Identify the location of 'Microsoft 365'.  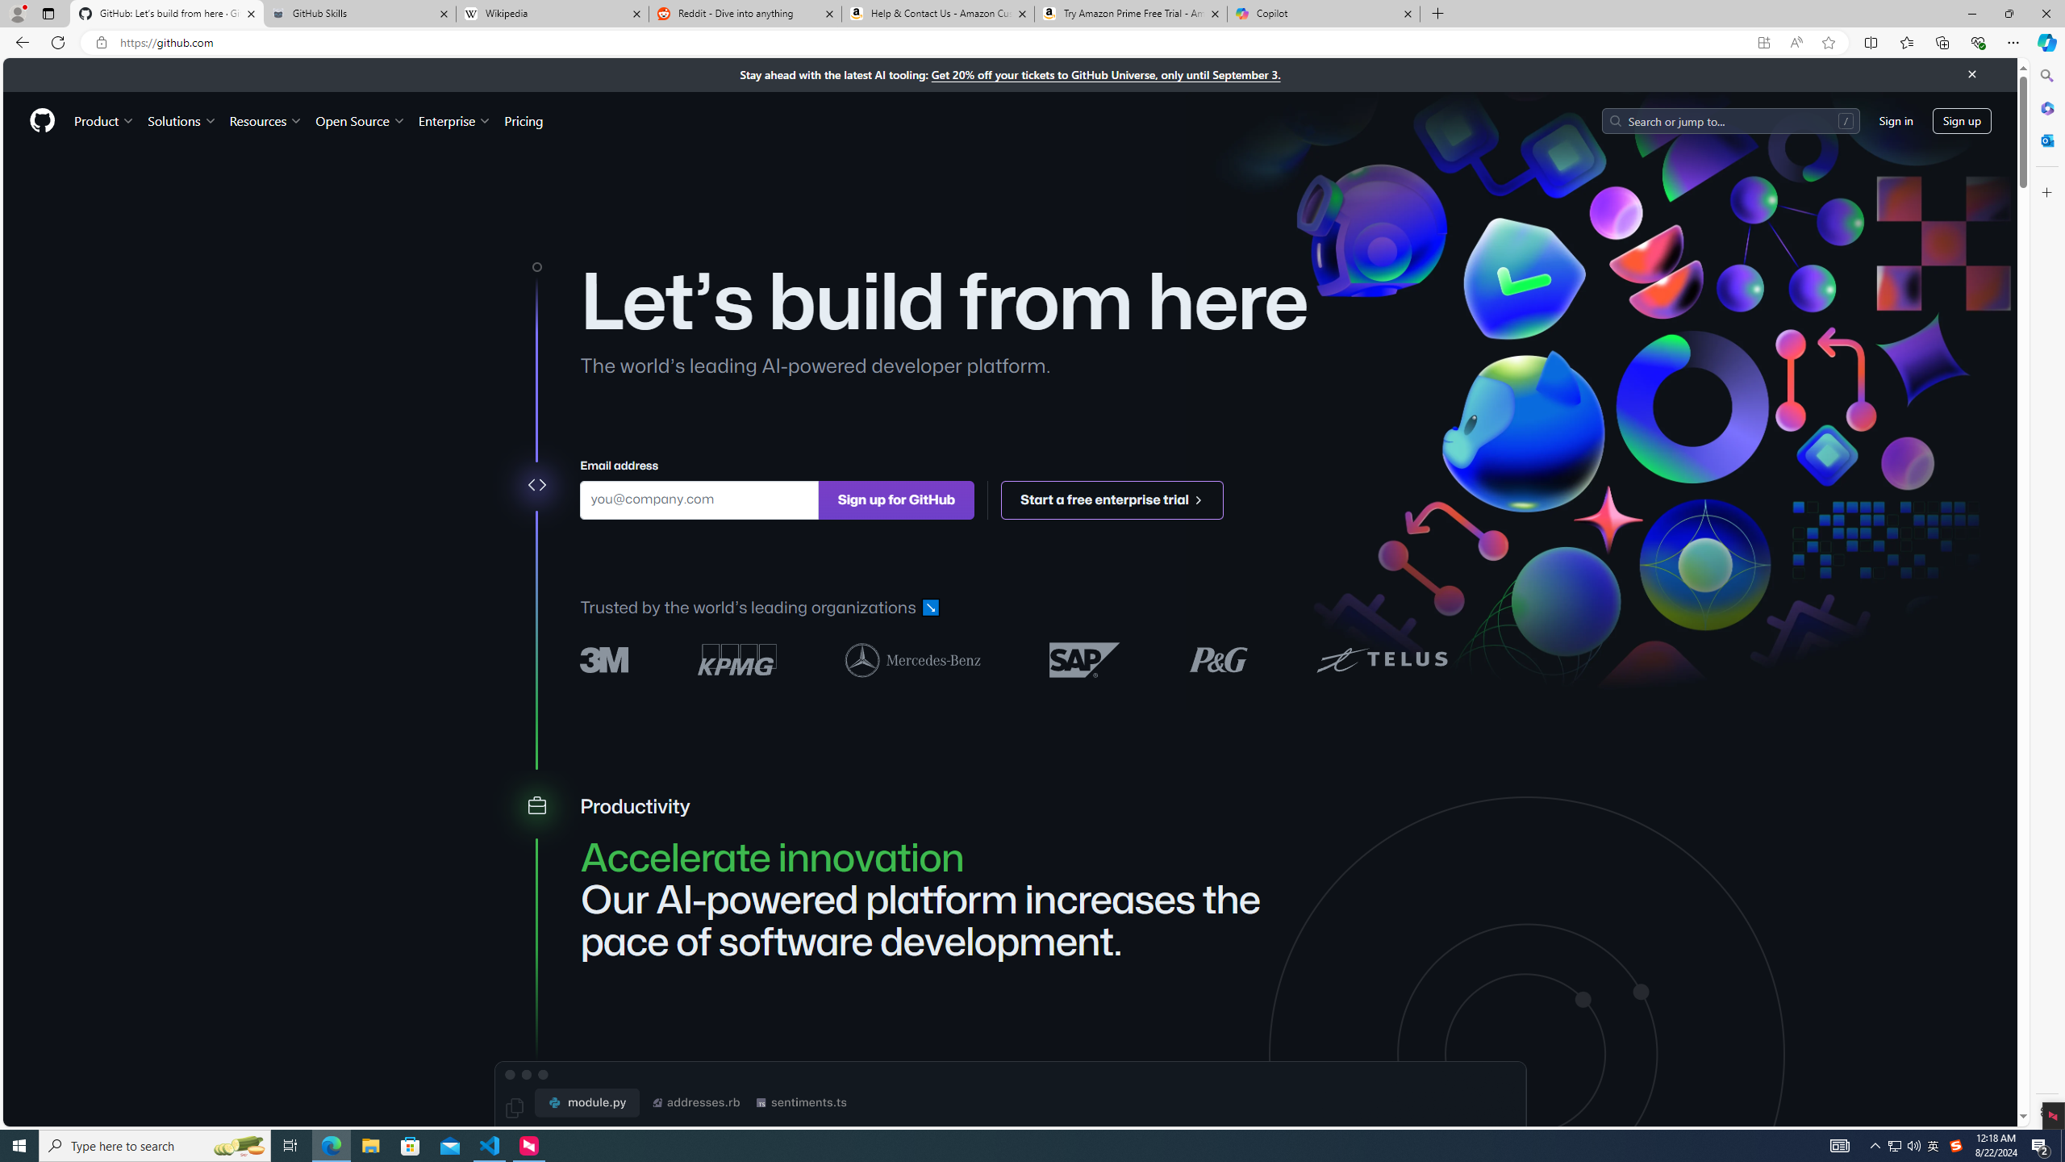
(2045, 108).